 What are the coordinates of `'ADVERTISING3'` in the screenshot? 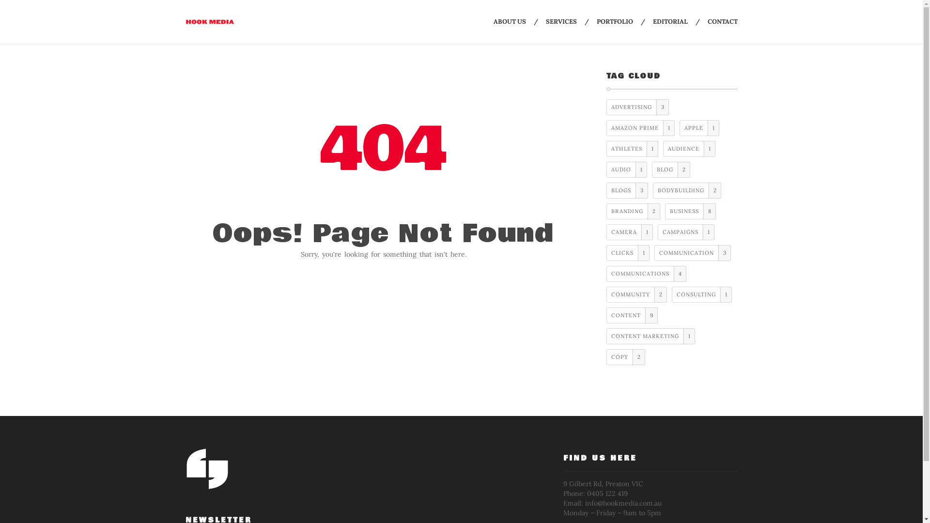 It's located at (606, 107).